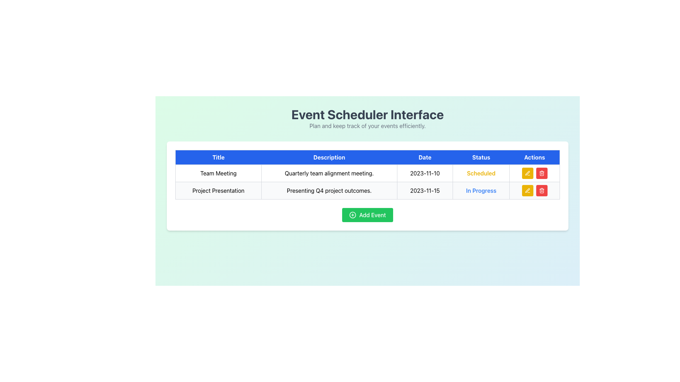 The image size is (680, 382). I want to click on the text display that provides the description of the 'Team Meeting' event, located in the second cell of the 'Description' column in the first row of the table, so click(329, 173).